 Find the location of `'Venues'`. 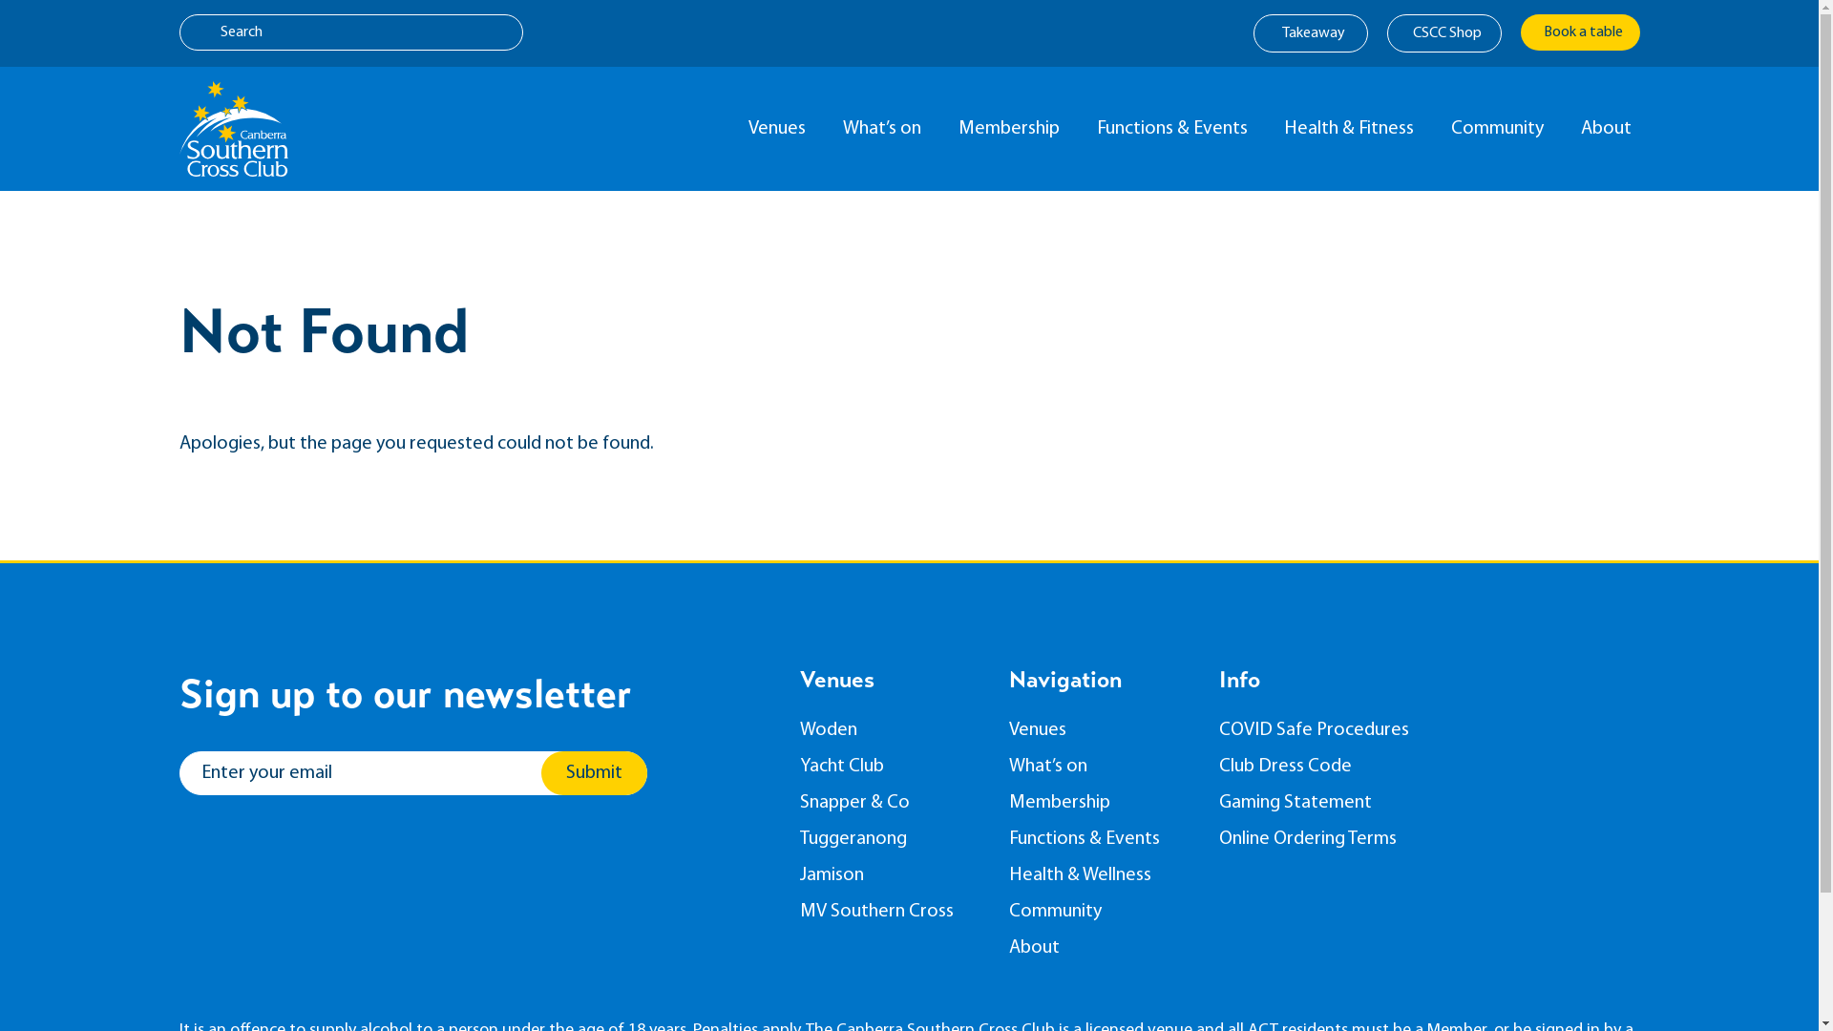

'Venues' is located at coordinates (781, 129).